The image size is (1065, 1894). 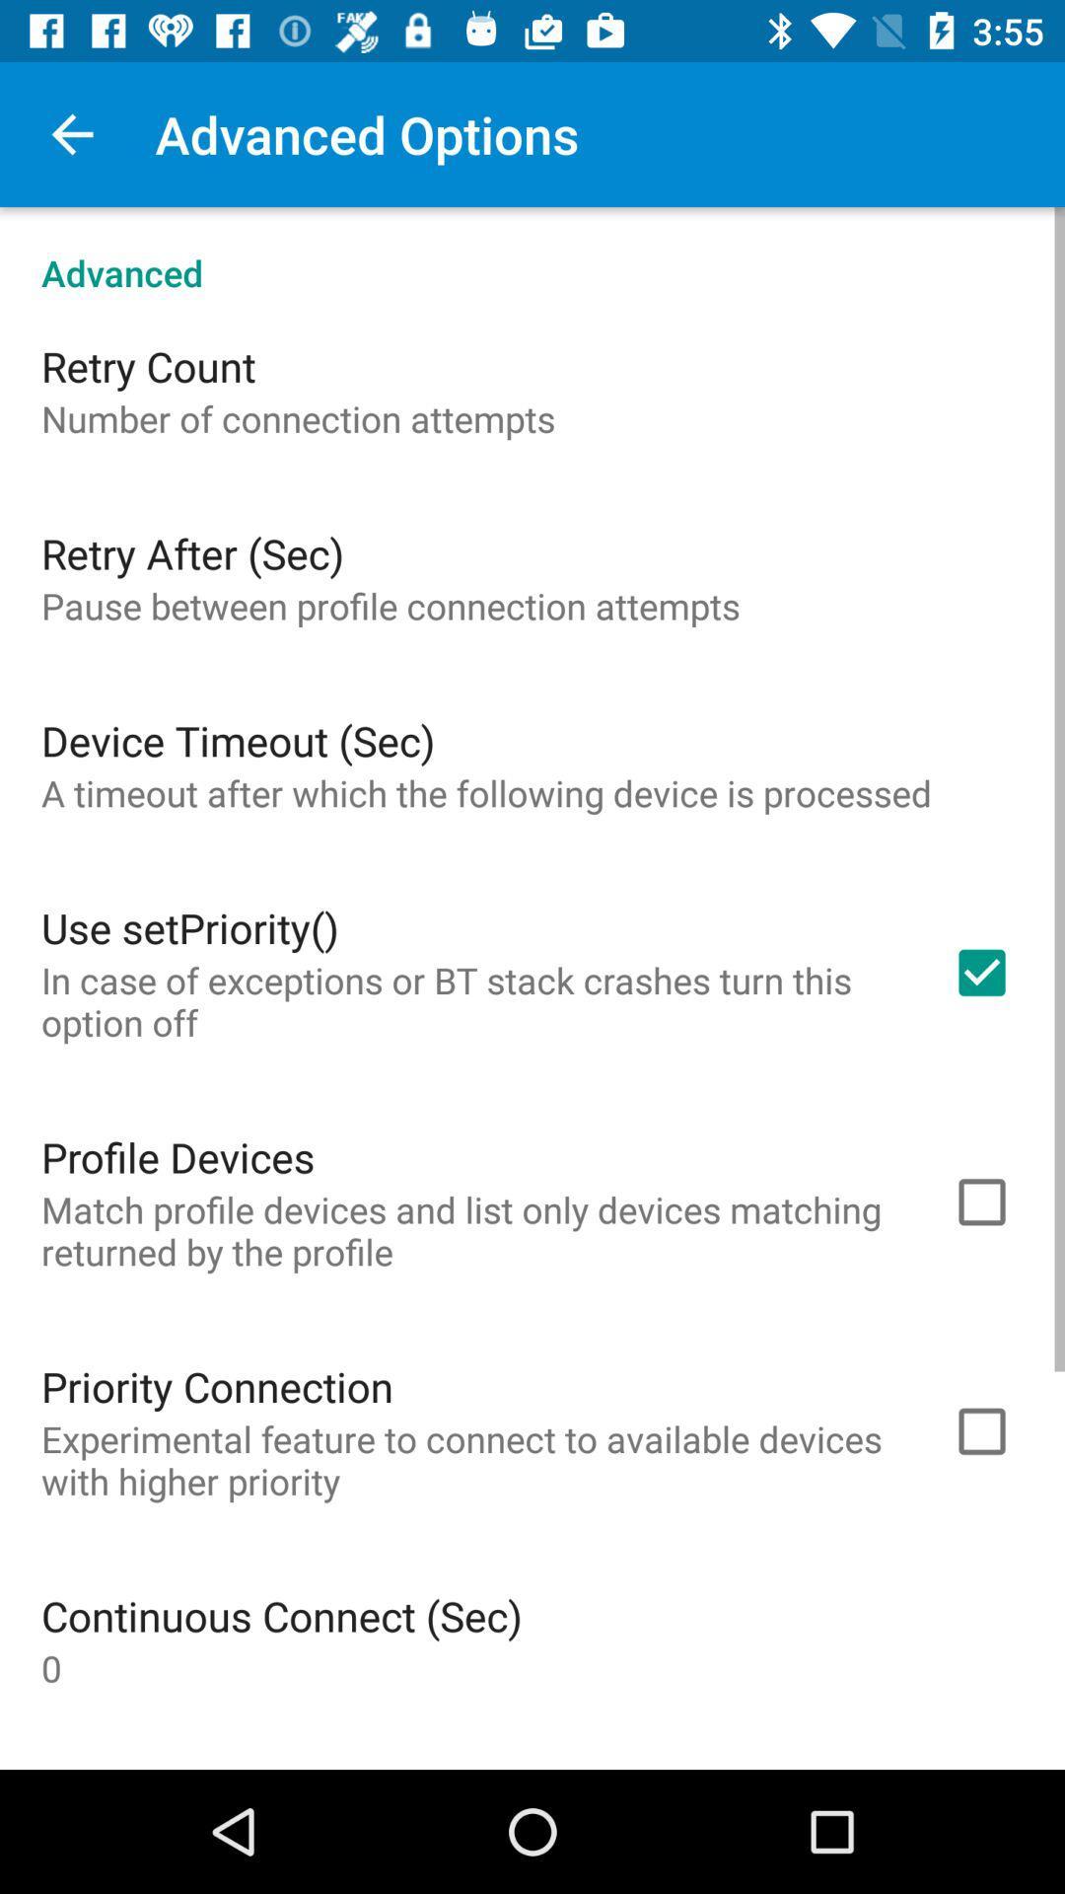 I want to click on go back, so click(x=71, y=133).